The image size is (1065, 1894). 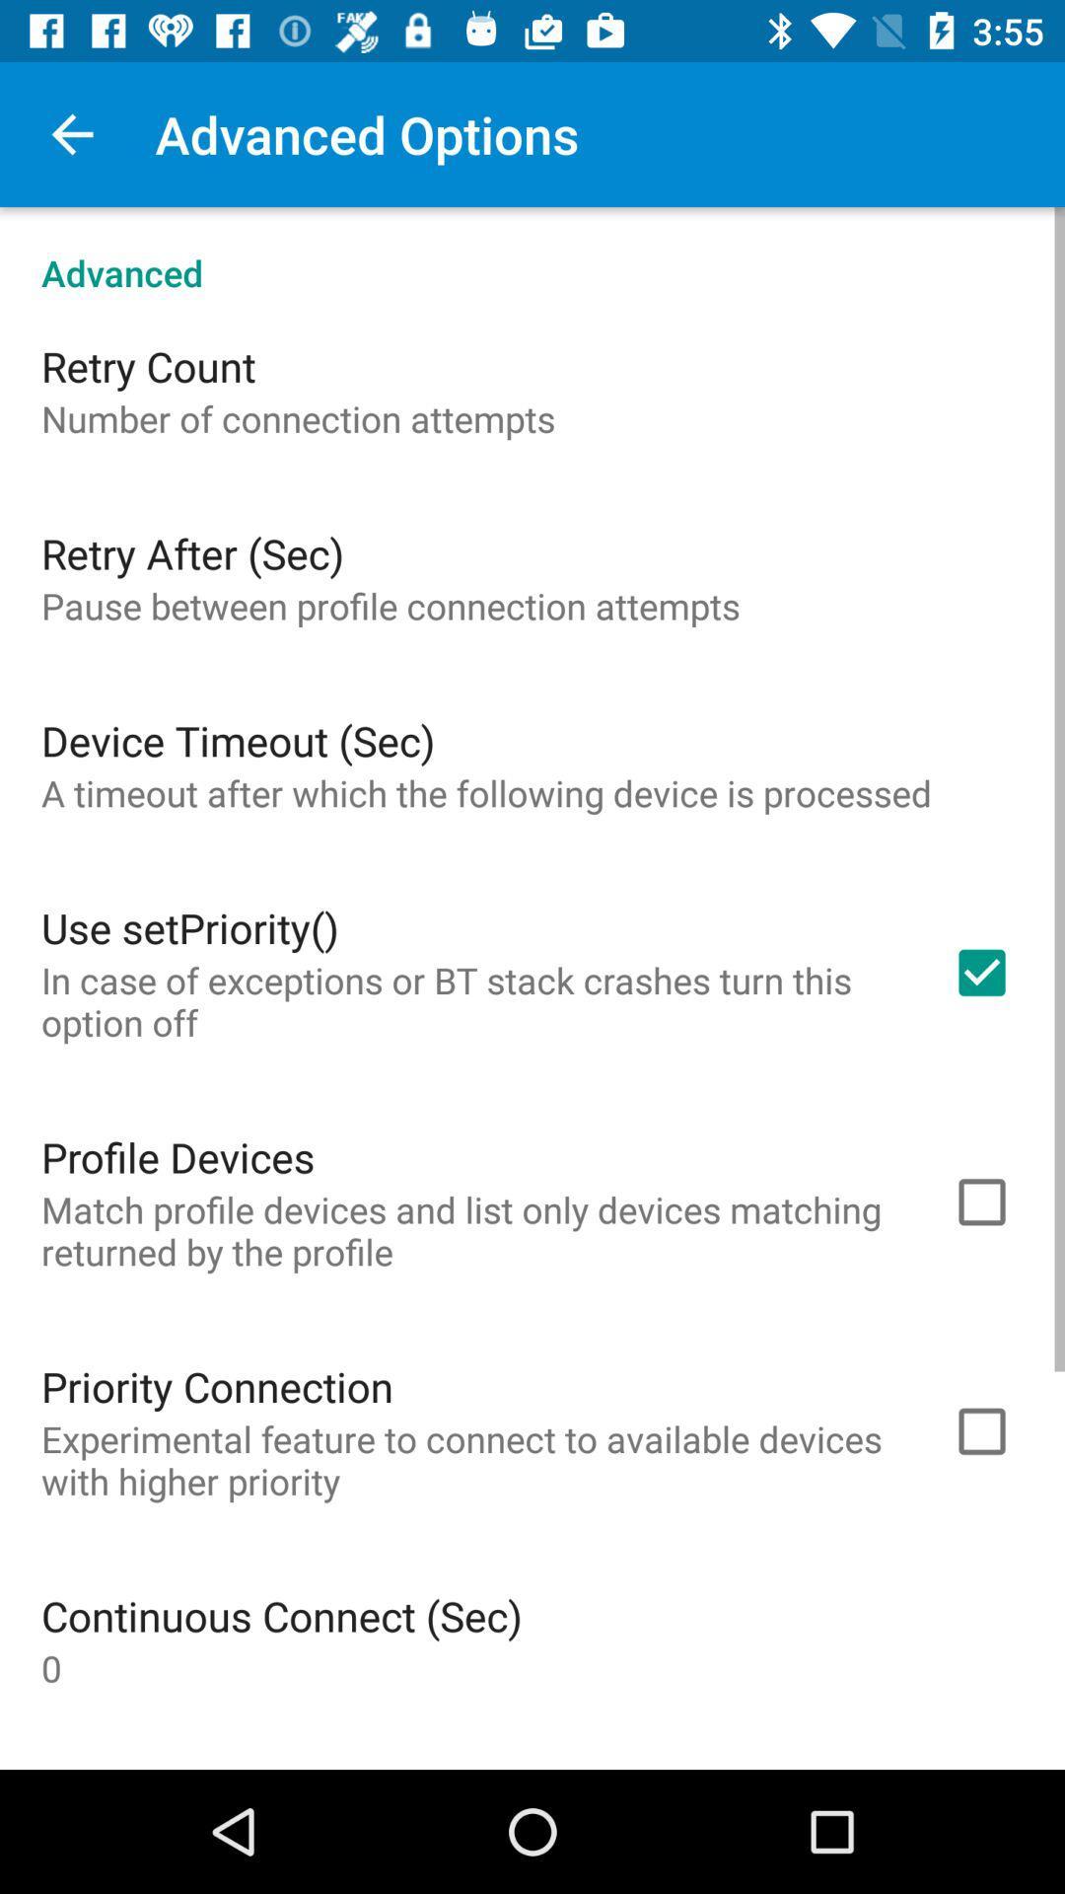 I want to click on go back, so click(x=71, y=133).